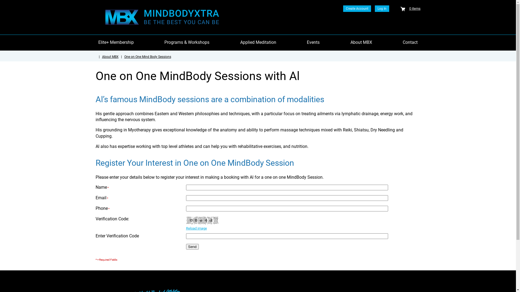  What do you see at coordinates (382, 8) in the screenshot?
I see `'Log In'` at bounding box center [382, 8].